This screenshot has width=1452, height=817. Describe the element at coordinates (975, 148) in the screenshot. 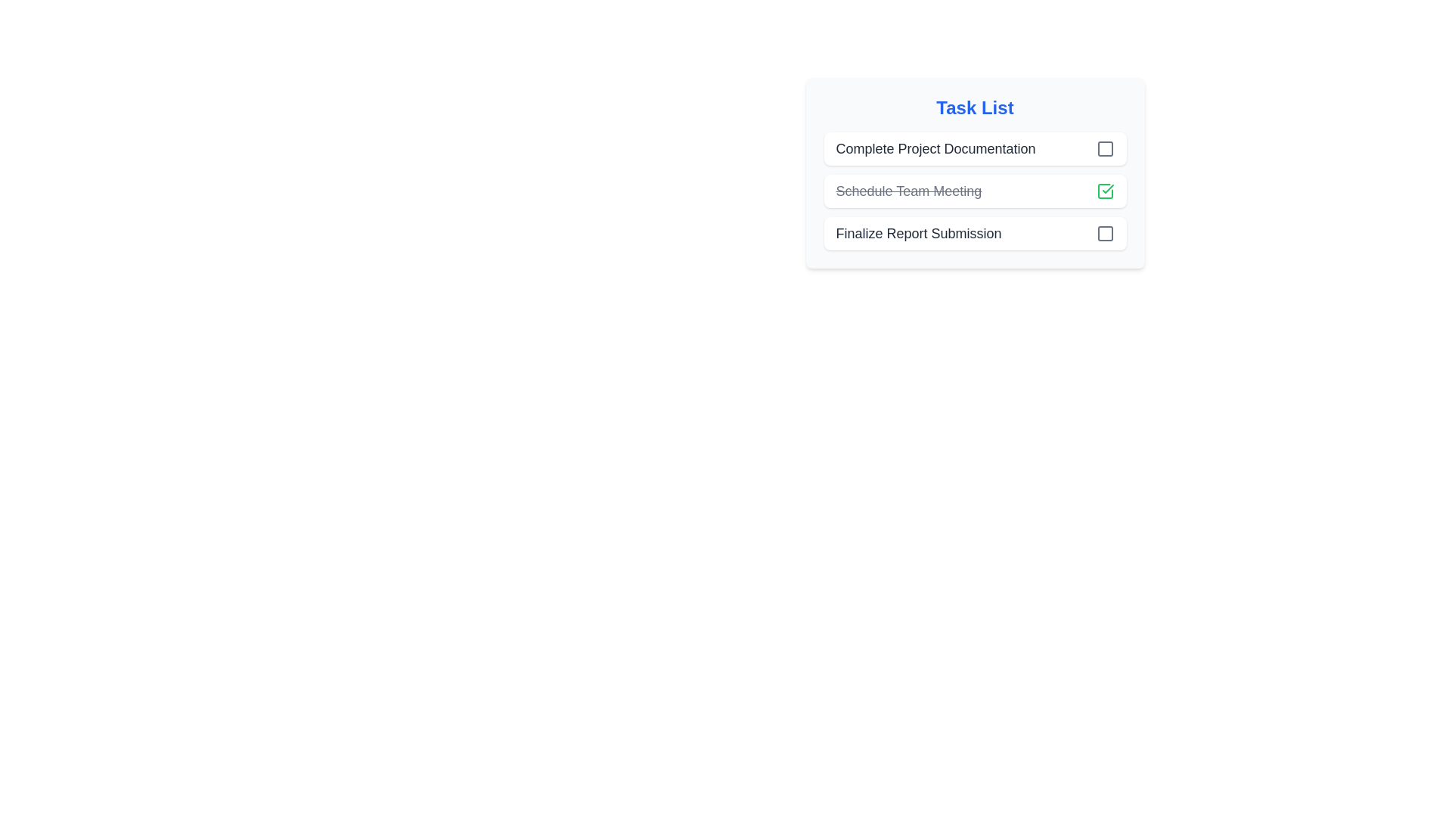

I see `the first list item with a checkbox` at that location.